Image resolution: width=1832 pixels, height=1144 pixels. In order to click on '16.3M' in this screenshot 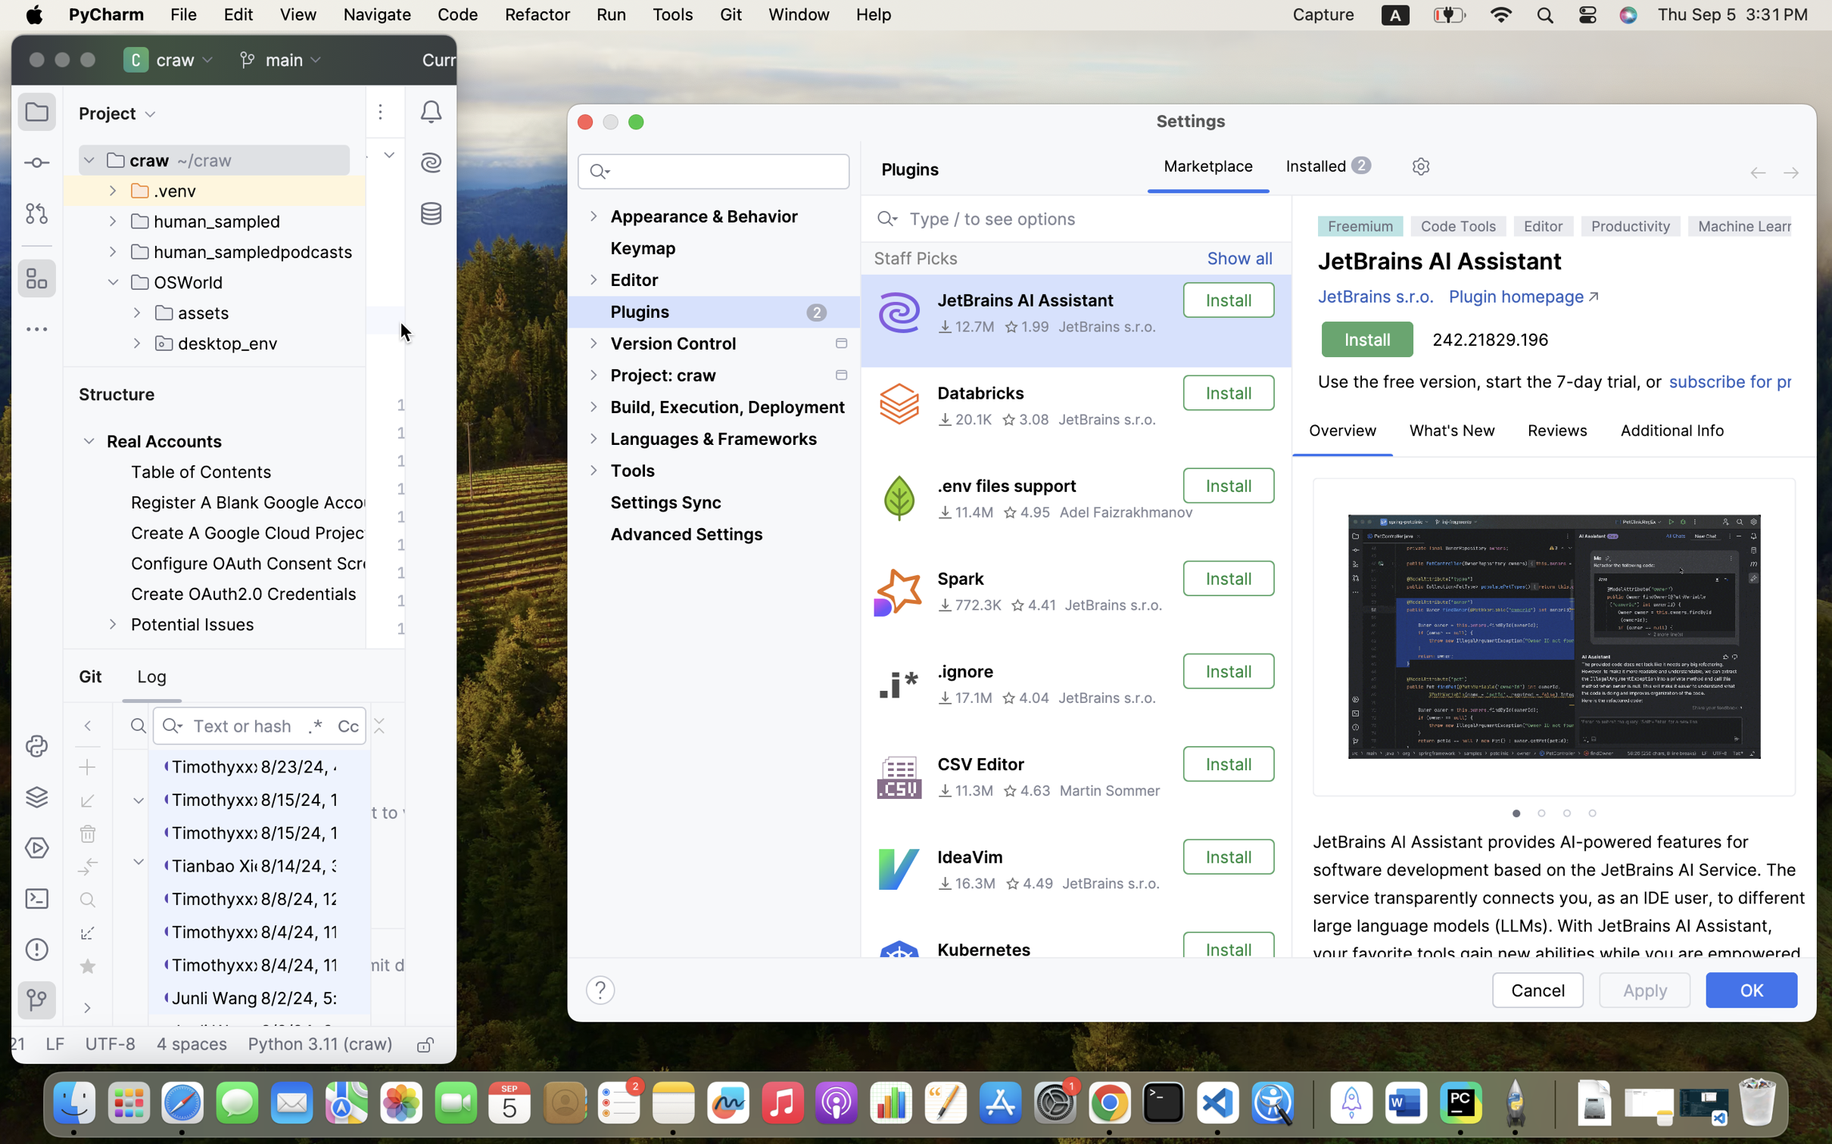, I will do `click(966, 882)`.